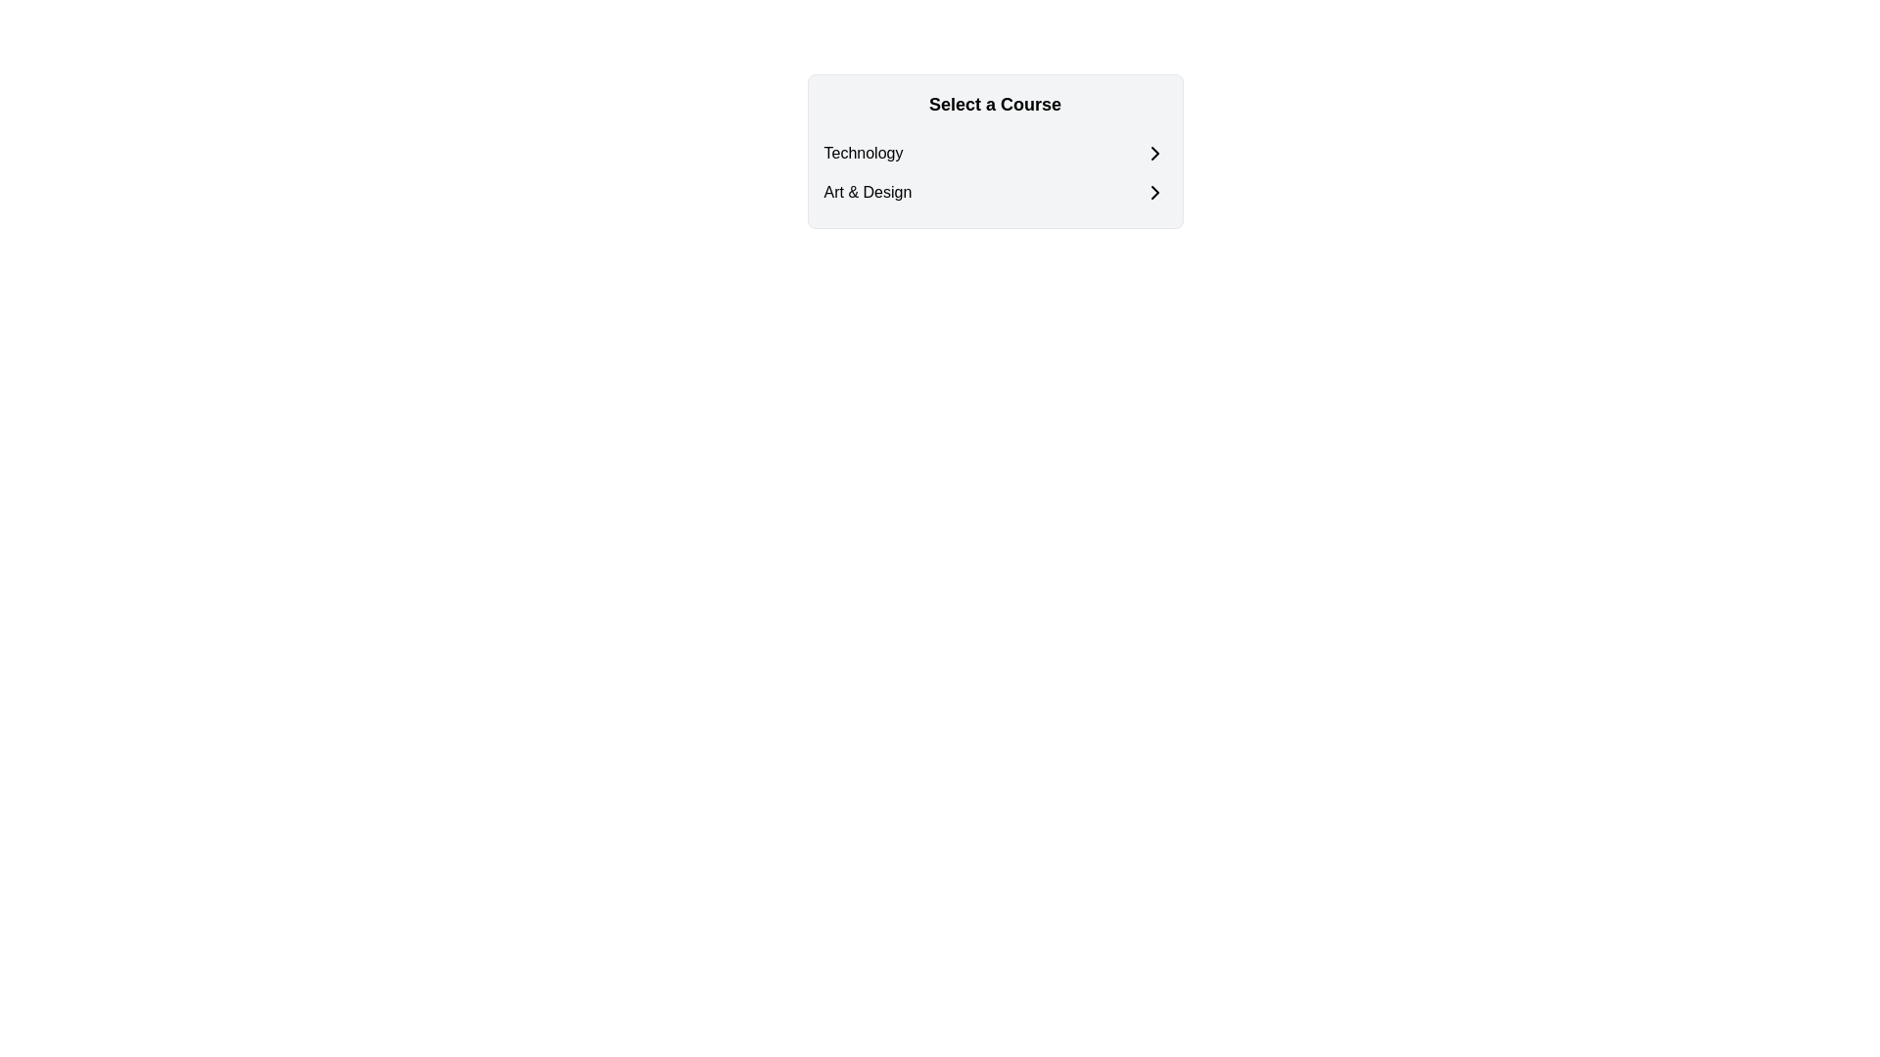  What do you see at coordinates (995, 192) in the screenshot?
I see `the 'Art & Design' option in the course selection menu` at bounding box center [995, 192].